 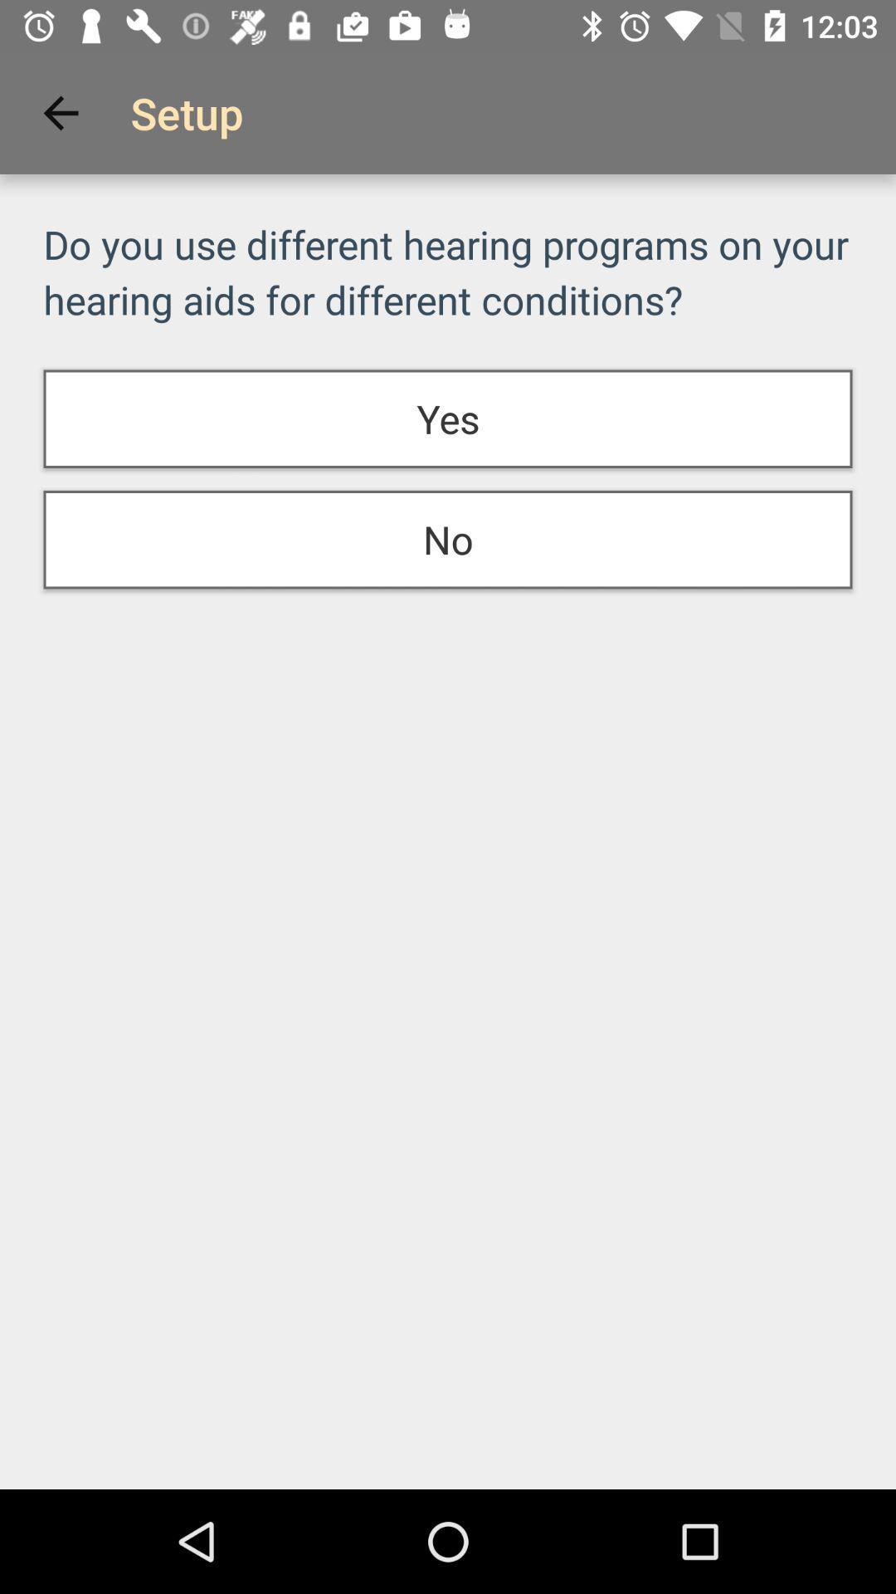 What do you see at coordinates (60, 112) in the screenshot?
I see `app to the left of setup icon` at bounding box center [60, 112].